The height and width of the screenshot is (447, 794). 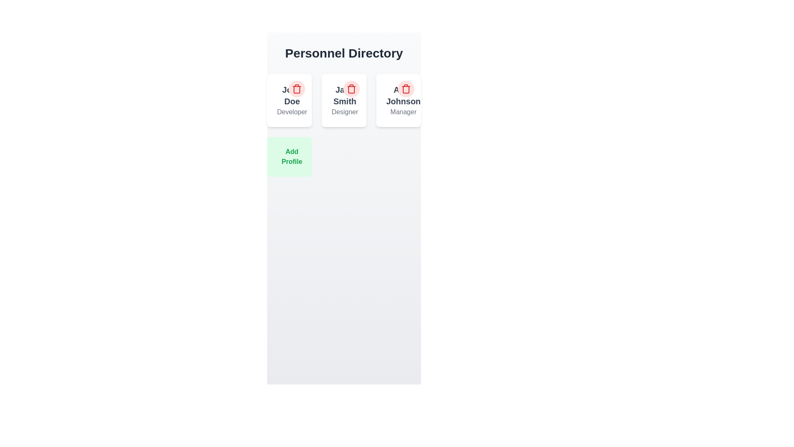 What do you see at coordinates (292, 100) in the screenshot?
I see `the text element displaying the name and job title of an individual in the Personnel Directory` at bounding box center [292, 100].